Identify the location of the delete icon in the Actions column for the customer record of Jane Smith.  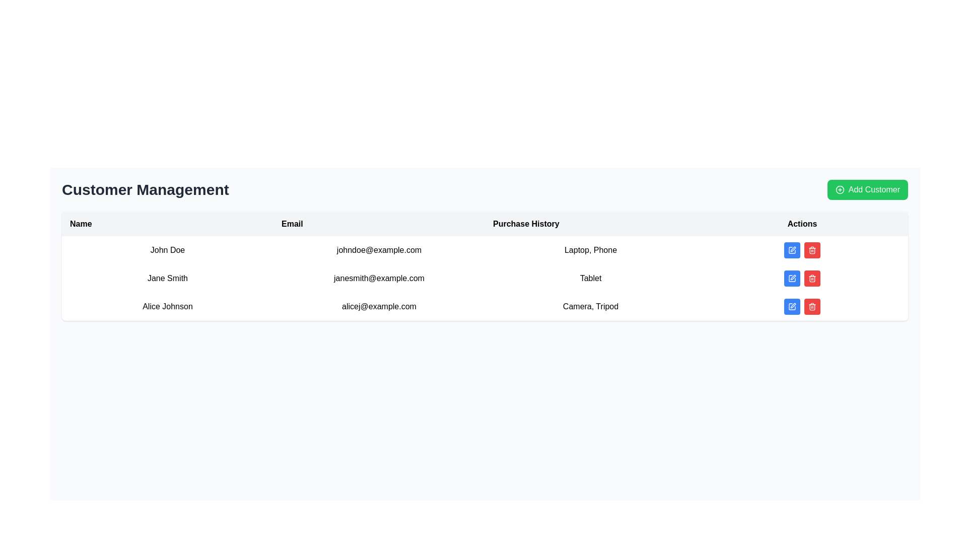
(812, 250).